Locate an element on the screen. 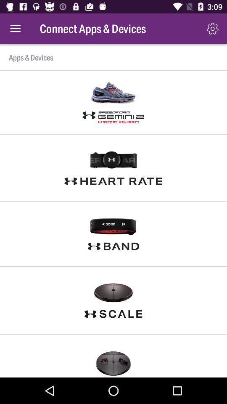 Image resolution: width=227 pixels, height=404 pixels. item to the right of connect apps & devices is located at coordinates (212, 29).